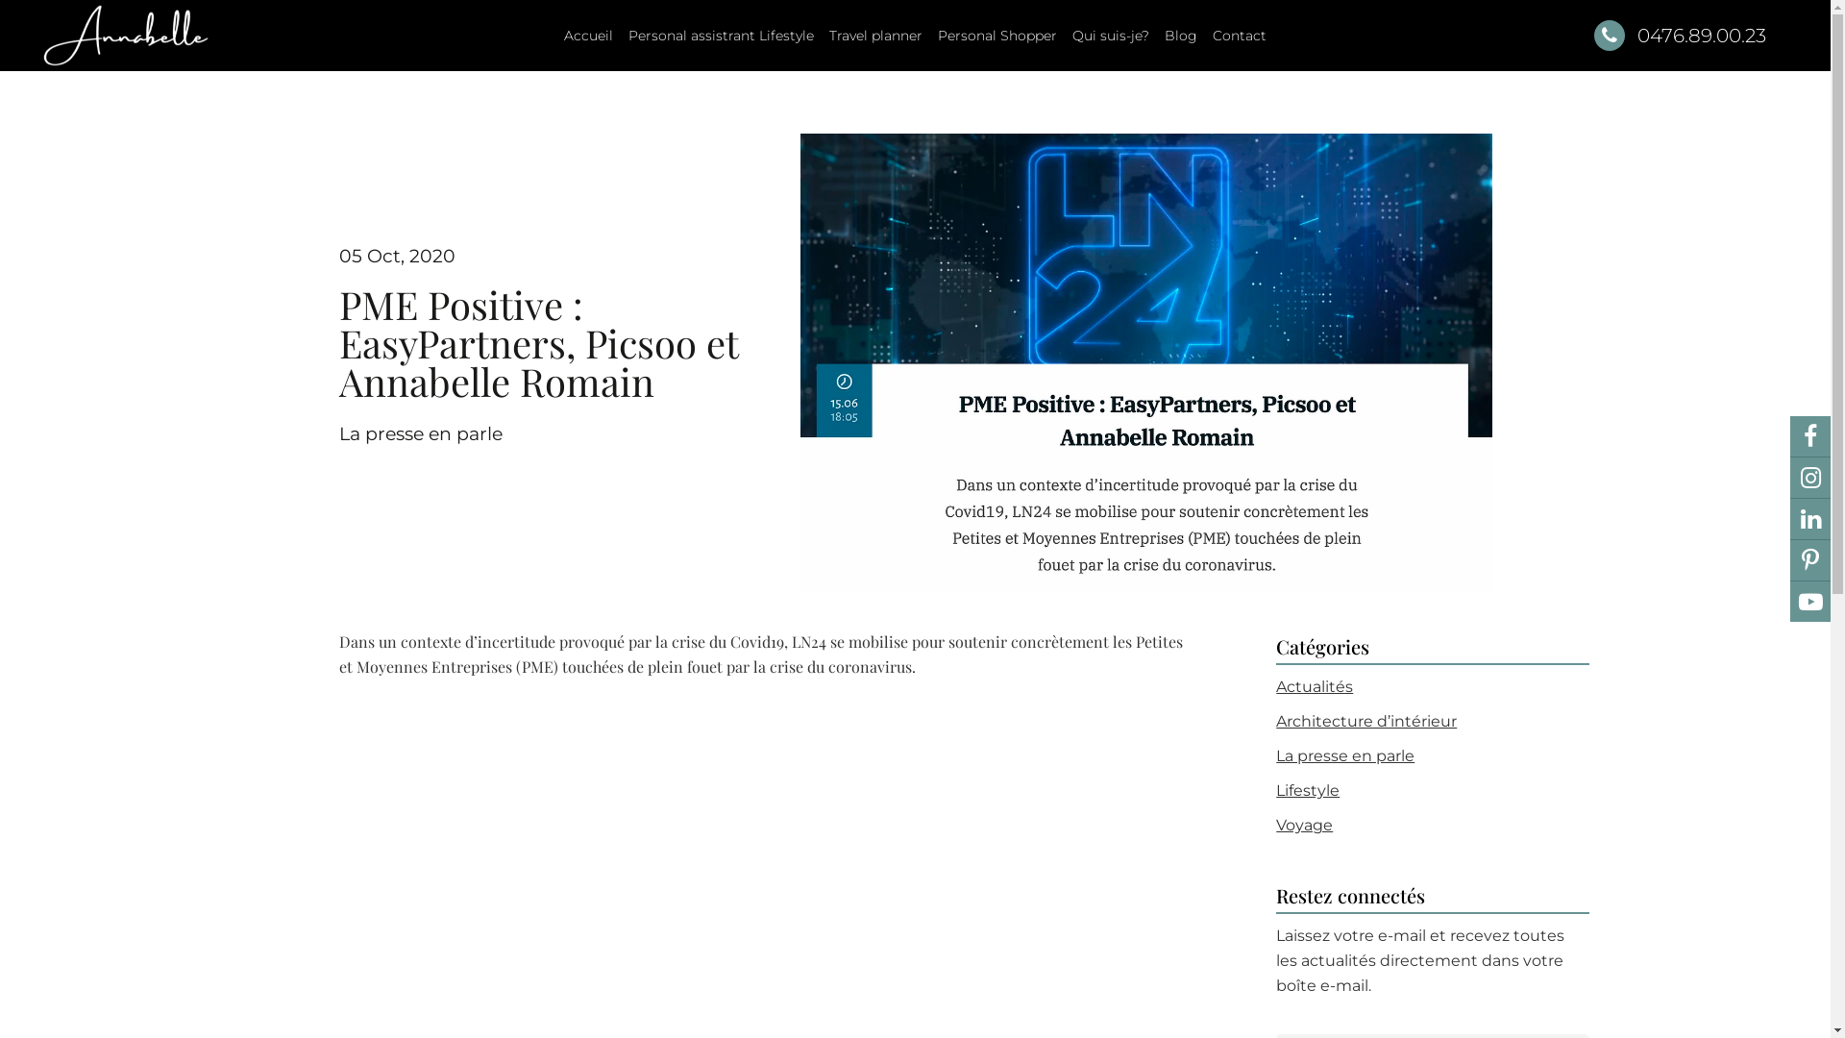 The height and width of the screenshot is (1038, 1845). Describe the element at coordinates (1304, 824) in the screenshot. I see `'Voyage'` at that location.